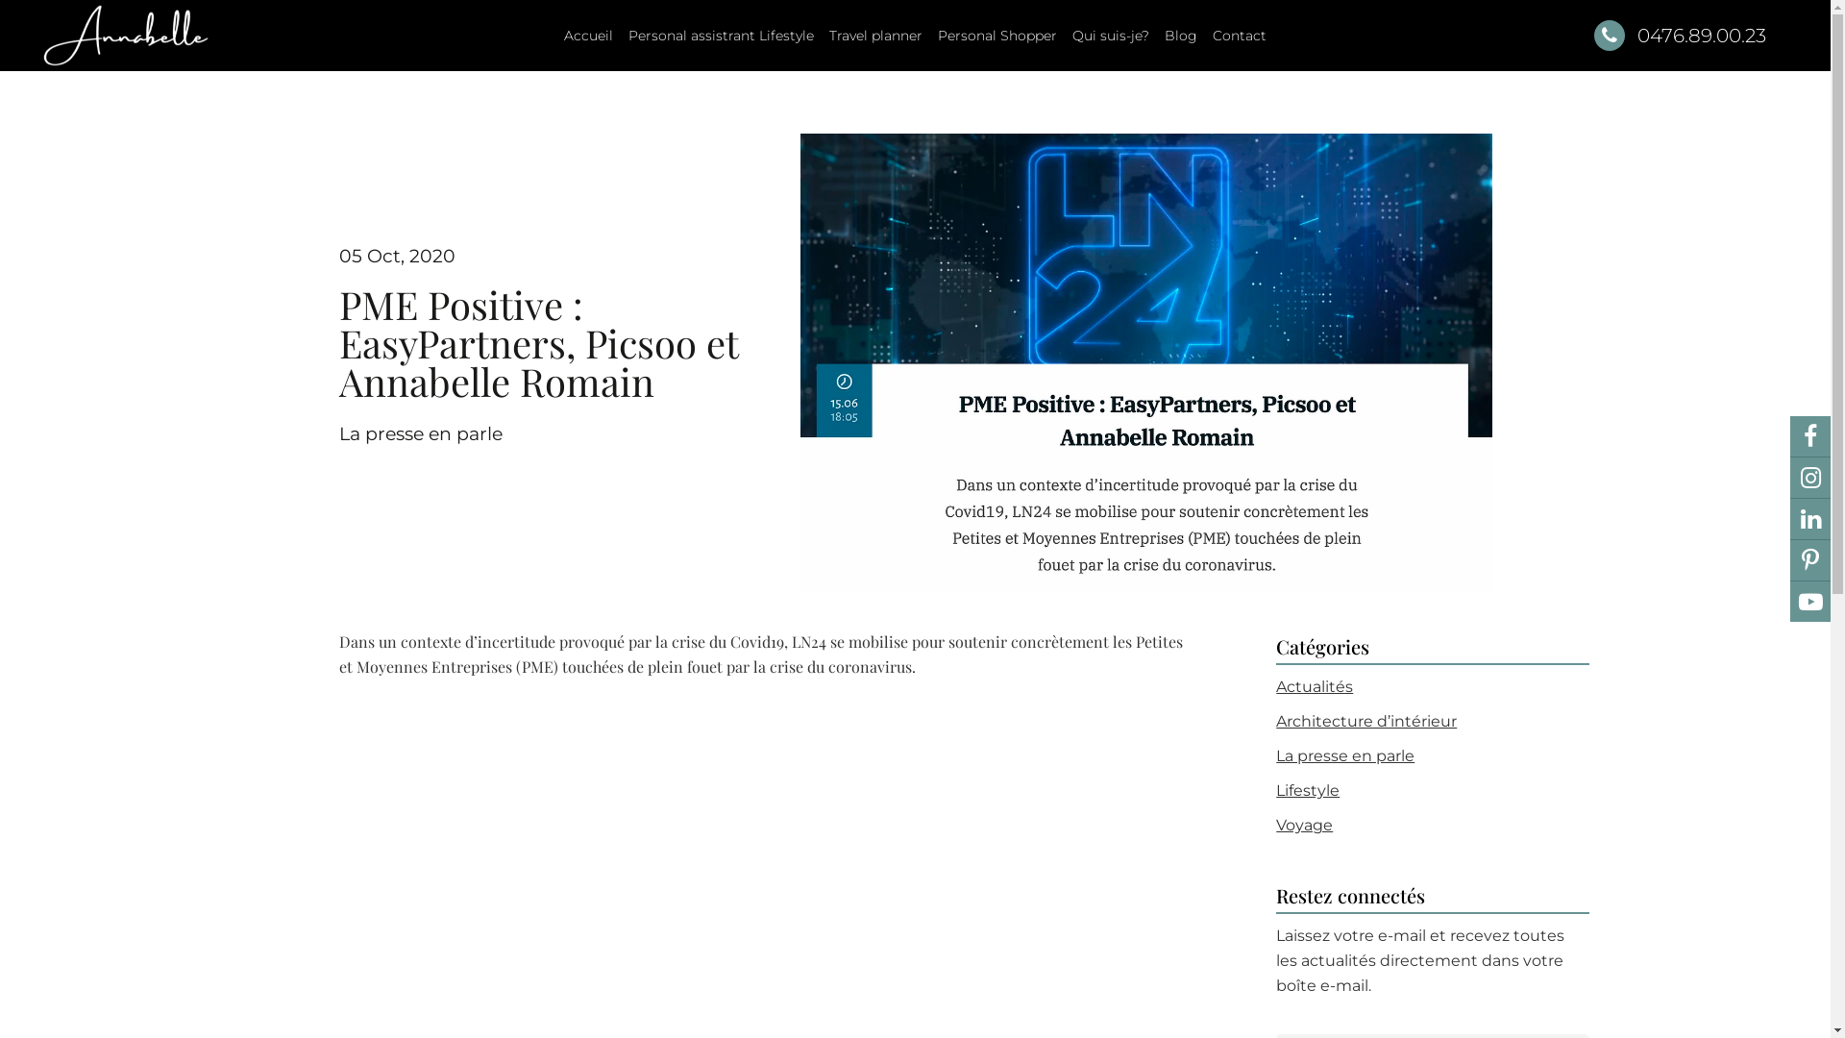 The height and width of the screenshot is (1038, 1845). Describe the element at coordinates (1304, 824) in the screenshot. I see `'Voyage'` at that location.